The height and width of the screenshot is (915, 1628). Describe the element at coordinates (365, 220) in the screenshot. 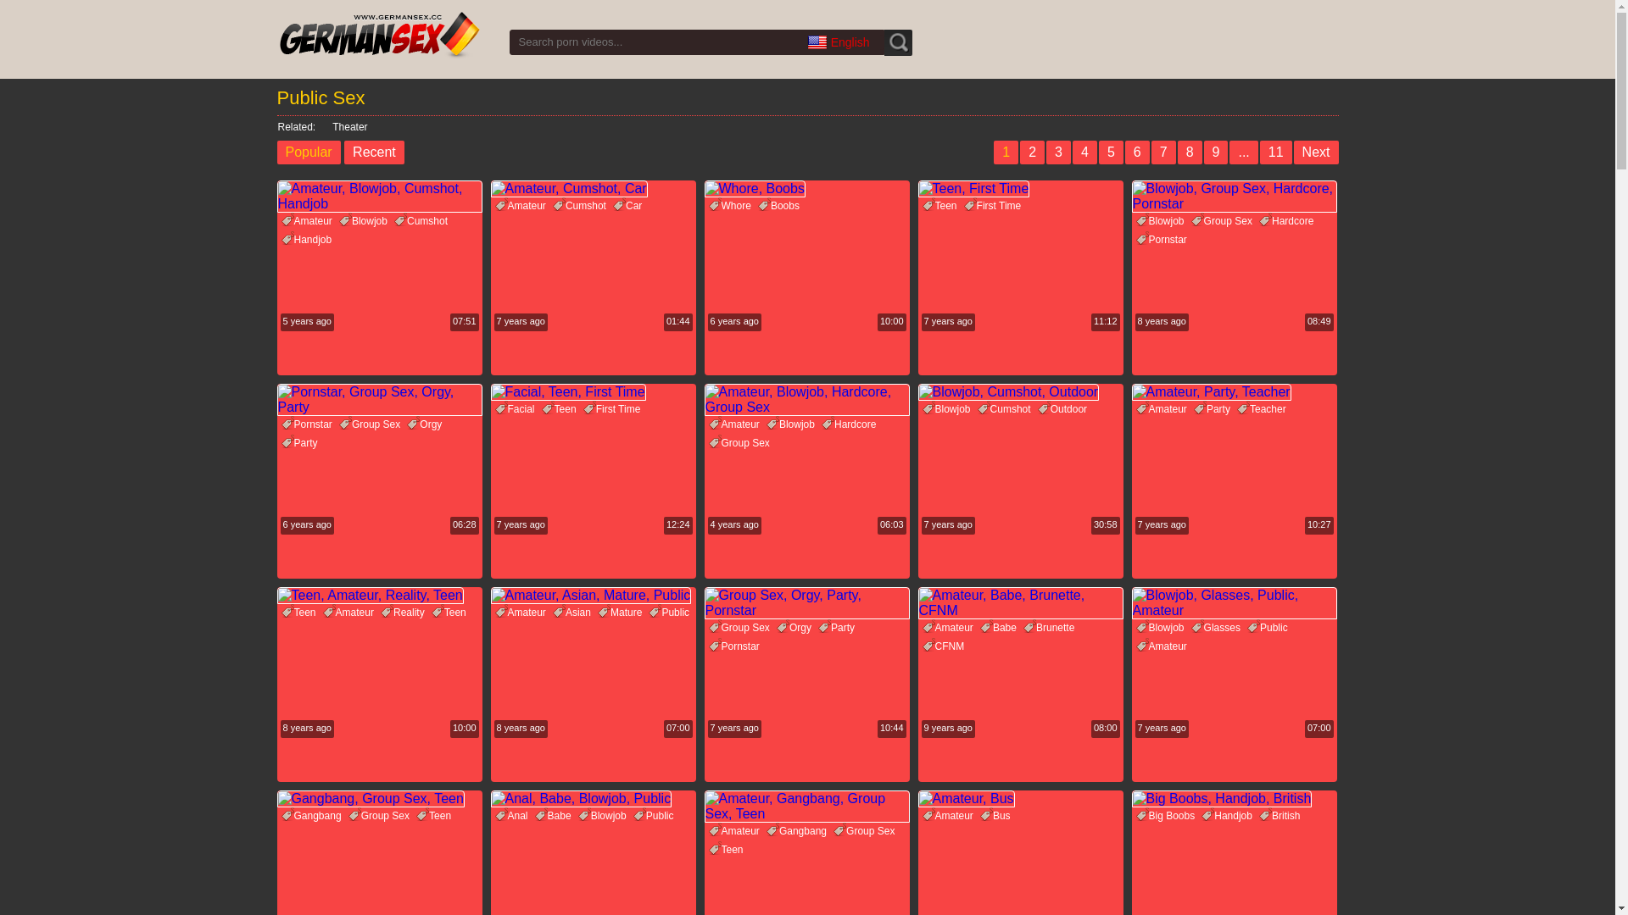

I see `'Blowjob'` at that location.